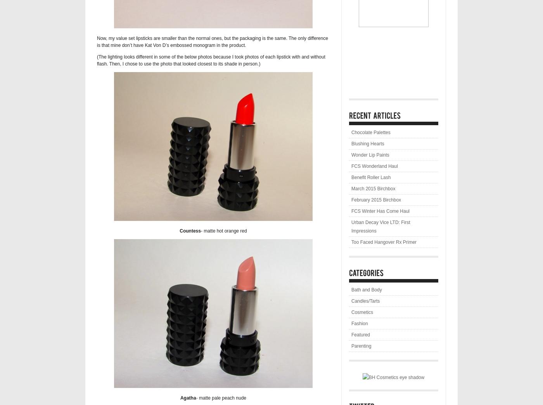 The image size is (543, 405). What do you see at coordinates (351, 166) in the screenshot?
I see `'FCS Wonderland Haul'` at bounding box center [351, 166].